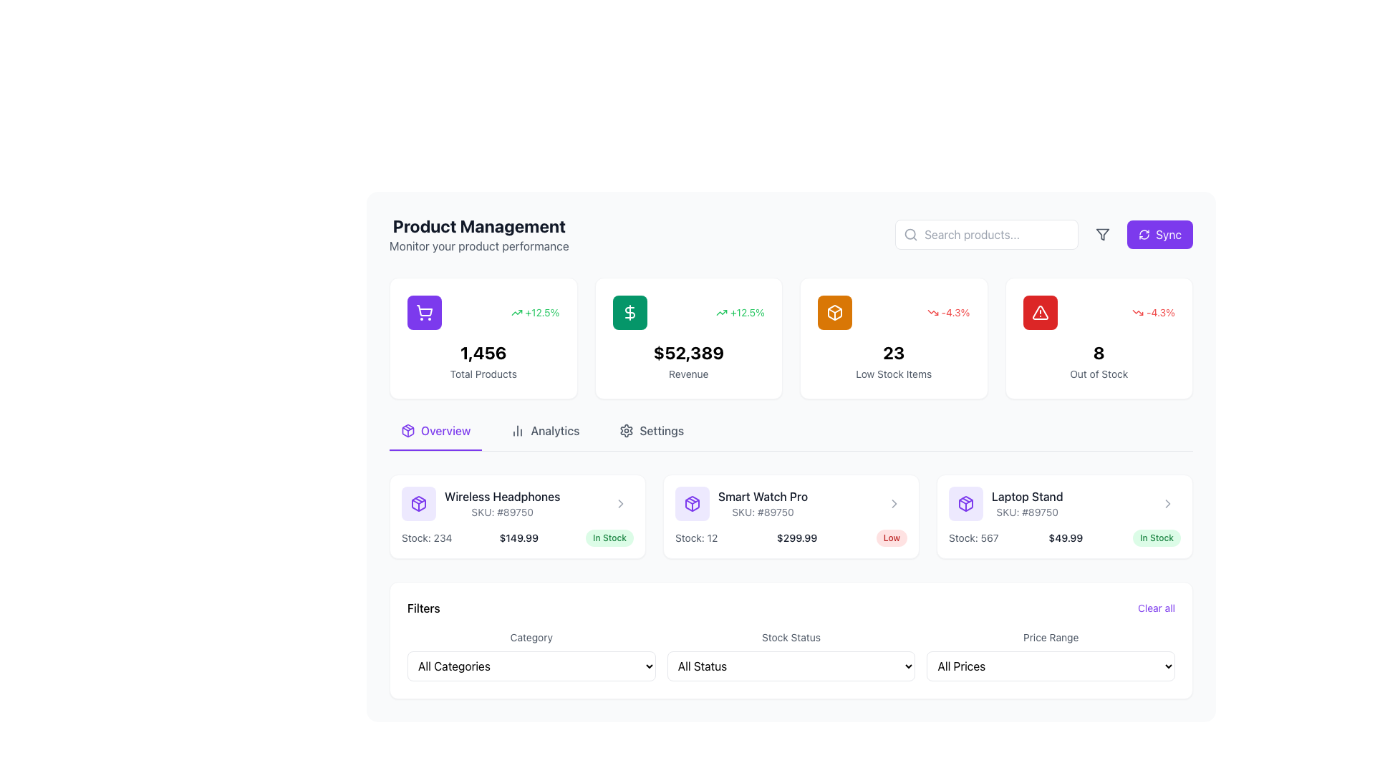 This screenshot has width=1375, height=773. What do you see at coordinates (1066, 538) in the screenshot?
I see `the static text label indicating the price of the 'Laptop Stand', located in the second row of the overview section` at bounding box center [1066, 538].